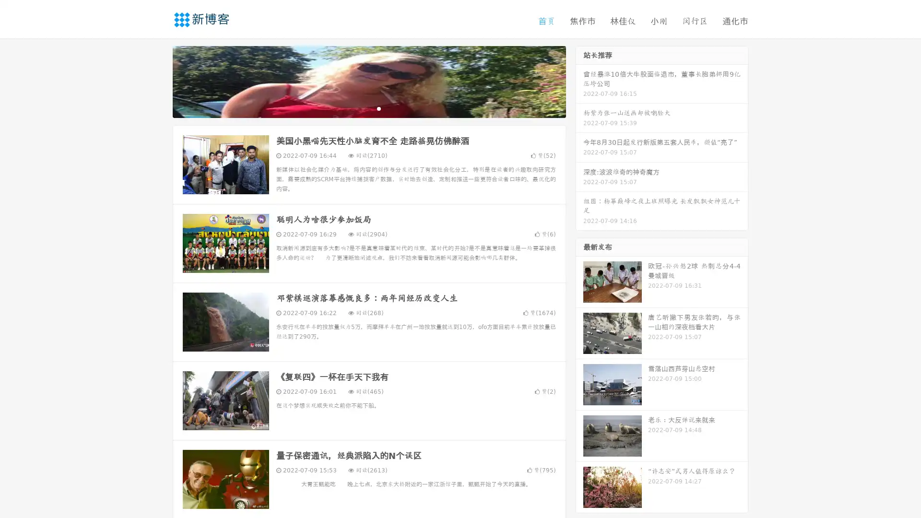 Image resolution: width=921 pixels, height=518 pixels. What do you see at coordinates (158, 81) in the screenshot?
I see `Previous slide` at bounding box center [158, 81].